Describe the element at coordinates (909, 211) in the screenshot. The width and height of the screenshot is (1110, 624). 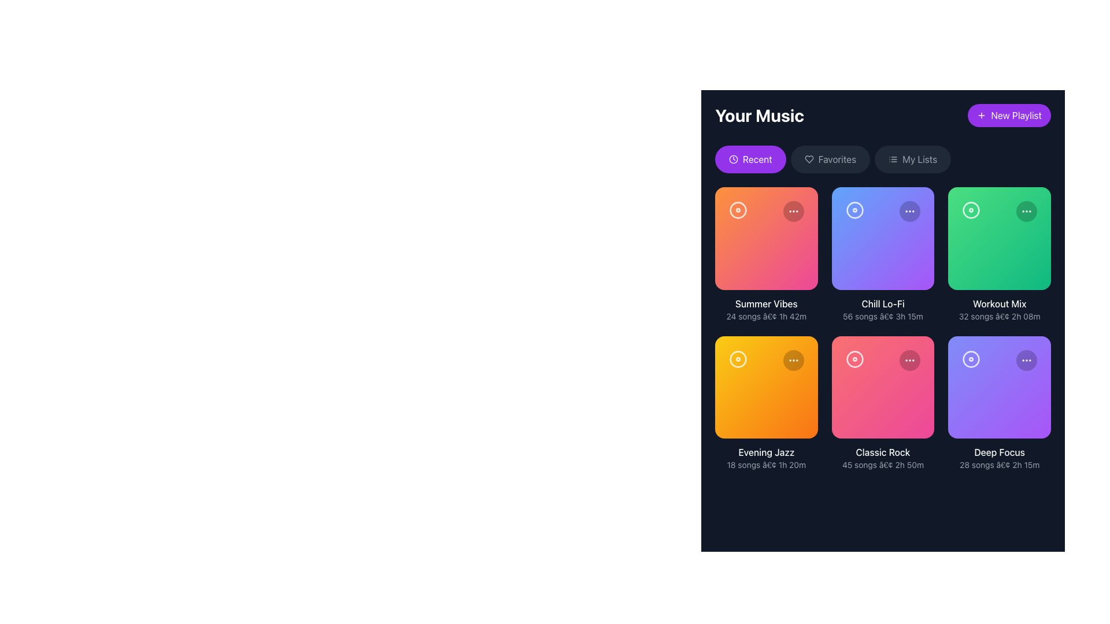
I see `the button in the top-right corner of the 'Chill Lo-Fi' playlist card` at that location.